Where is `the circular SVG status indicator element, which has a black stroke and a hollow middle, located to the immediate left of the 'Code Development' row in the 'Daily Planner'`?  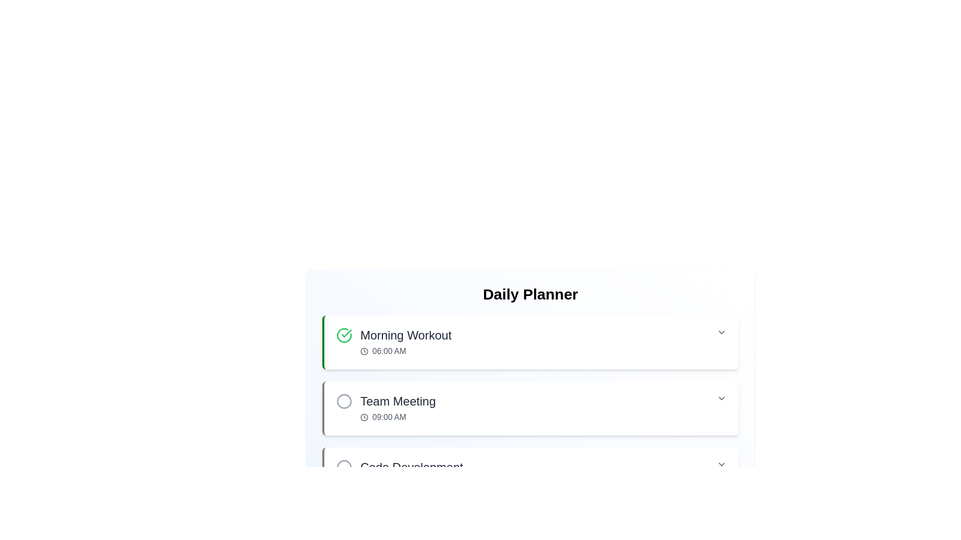 the circular SVG status indicator element, which has a black stroke and a hollow middle, located to the immediate left of the 'Code Development' row in the 'Daily Planner' is located at coordinates (344, 467).